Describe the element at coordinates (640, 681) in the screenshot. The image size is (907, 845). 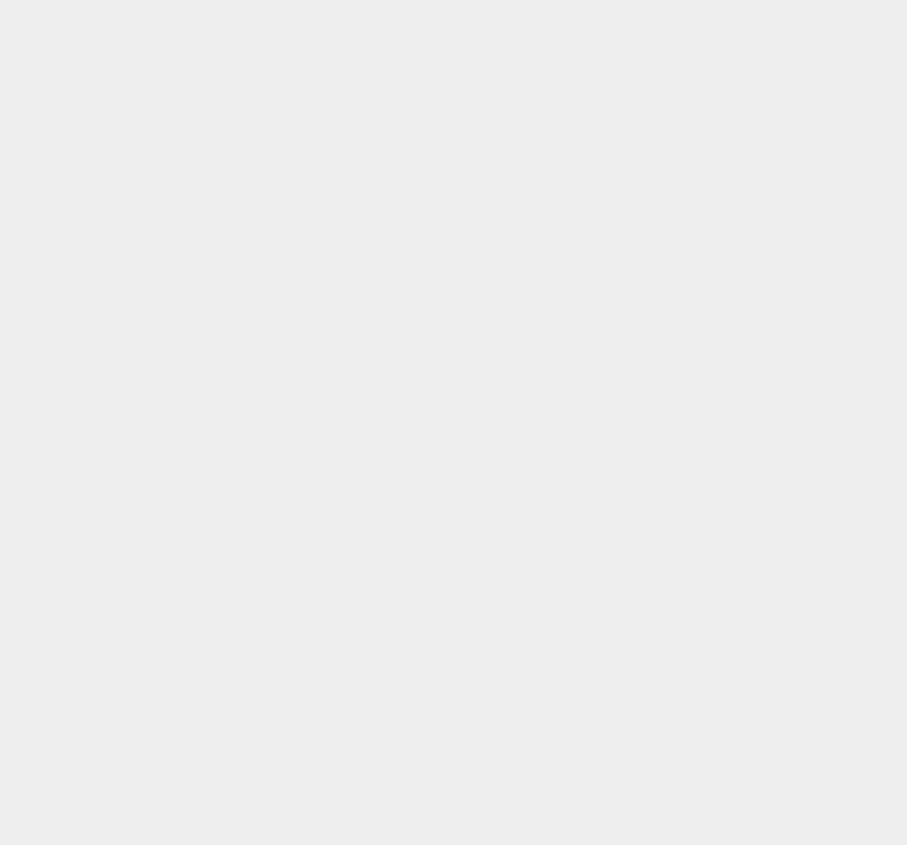
I see `'RAM'` at that location.